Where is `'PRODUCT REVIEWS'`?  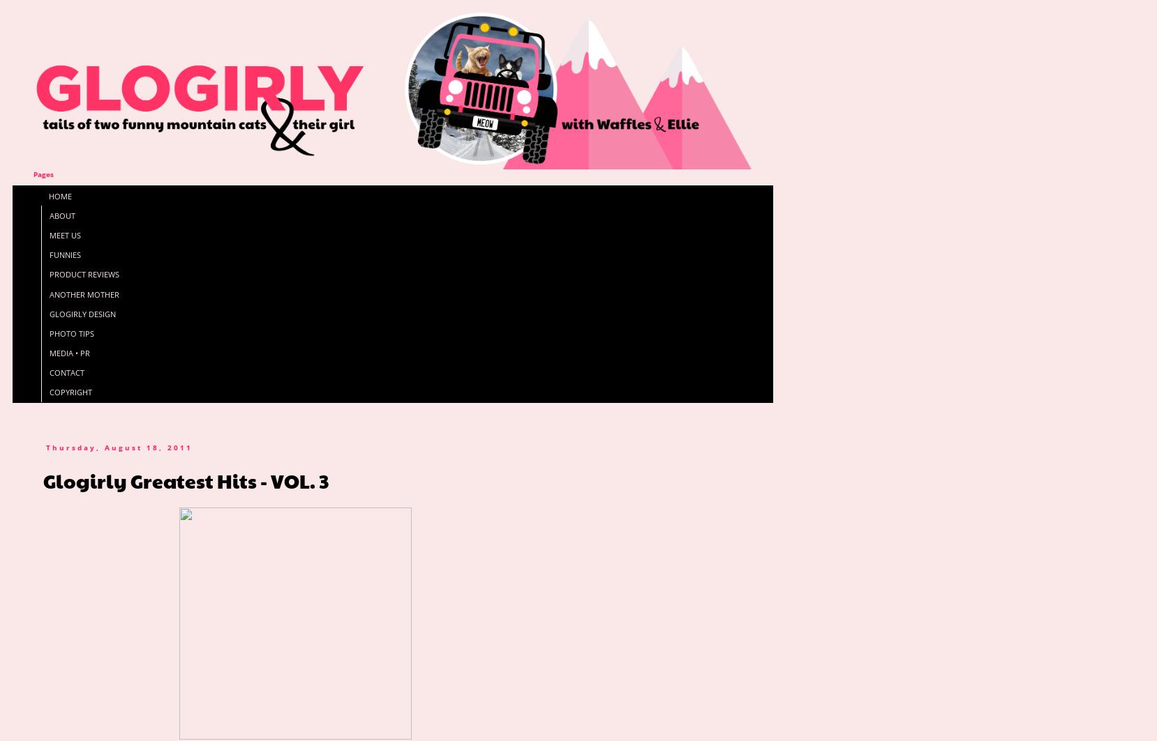
'PRODUCT REVIEWS' is located at coordinates (48, 274).